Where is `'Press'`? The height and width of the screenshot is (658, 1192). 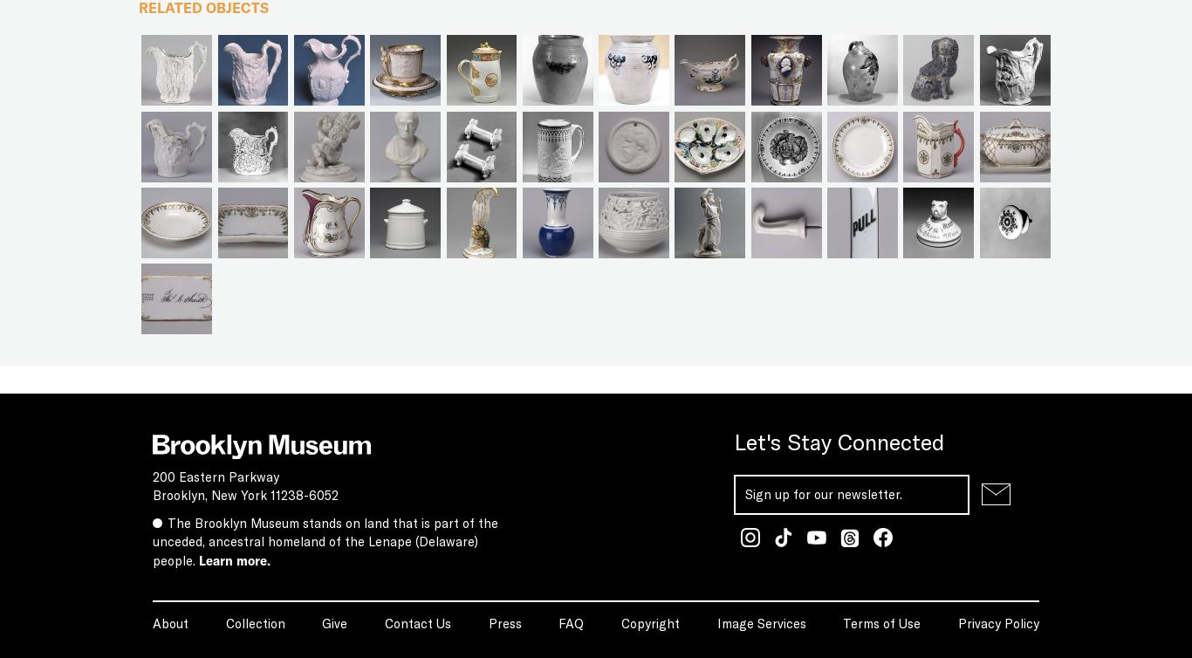 'Press' is located at coordinates (503, 621).